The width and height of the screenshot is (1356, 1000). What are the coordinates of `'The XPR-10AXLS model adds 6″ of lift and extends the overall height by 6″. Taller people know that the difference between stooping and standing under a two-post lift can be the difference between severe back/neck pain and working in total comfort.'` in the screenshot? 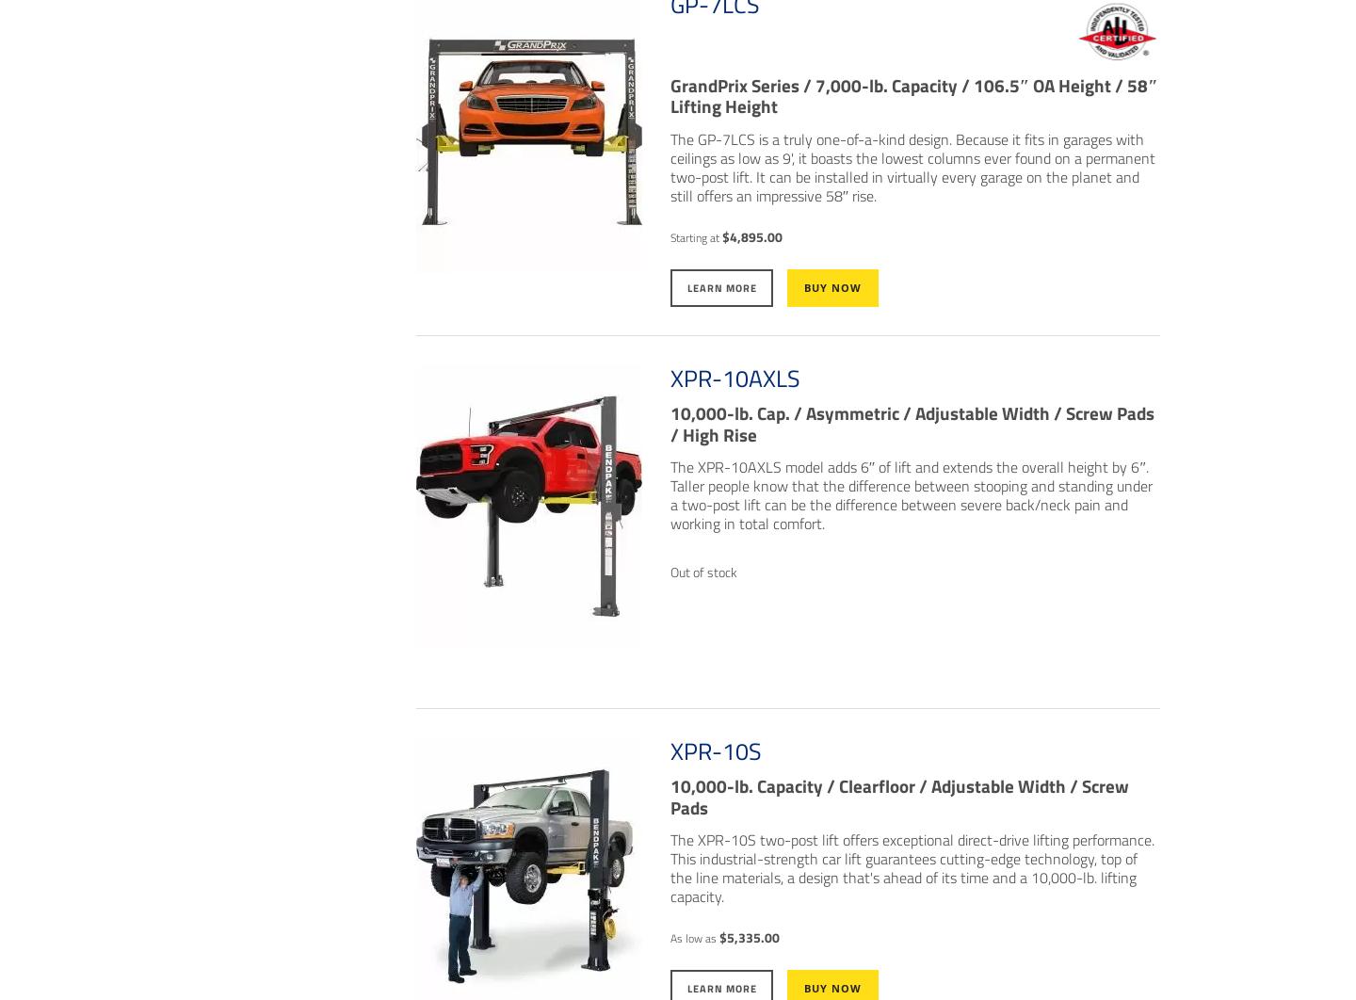 It's located at (909, 494).